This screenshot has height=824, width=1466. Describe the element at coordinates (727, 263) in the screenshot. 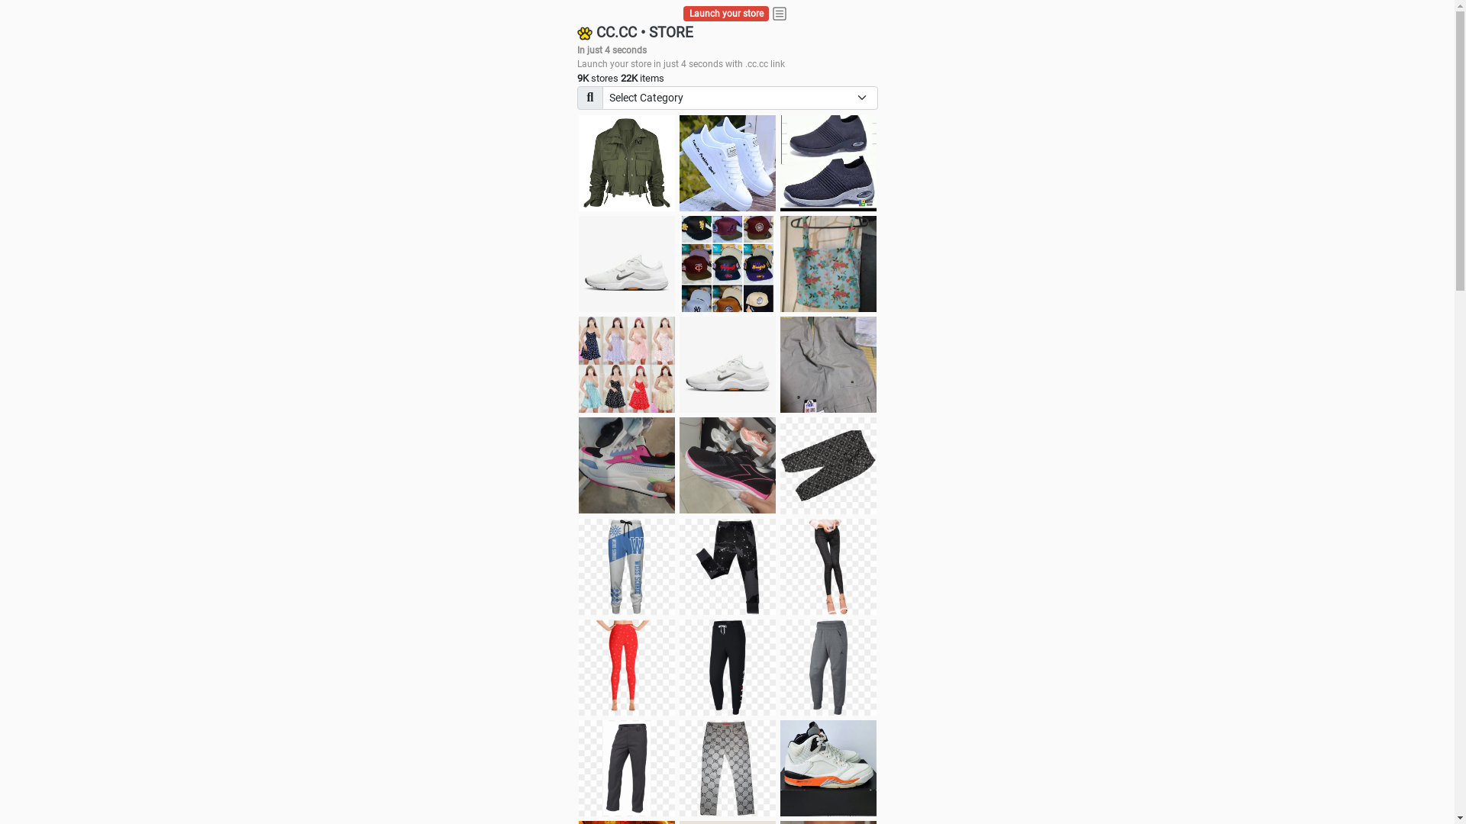

I see `'Things we need'` at that location.